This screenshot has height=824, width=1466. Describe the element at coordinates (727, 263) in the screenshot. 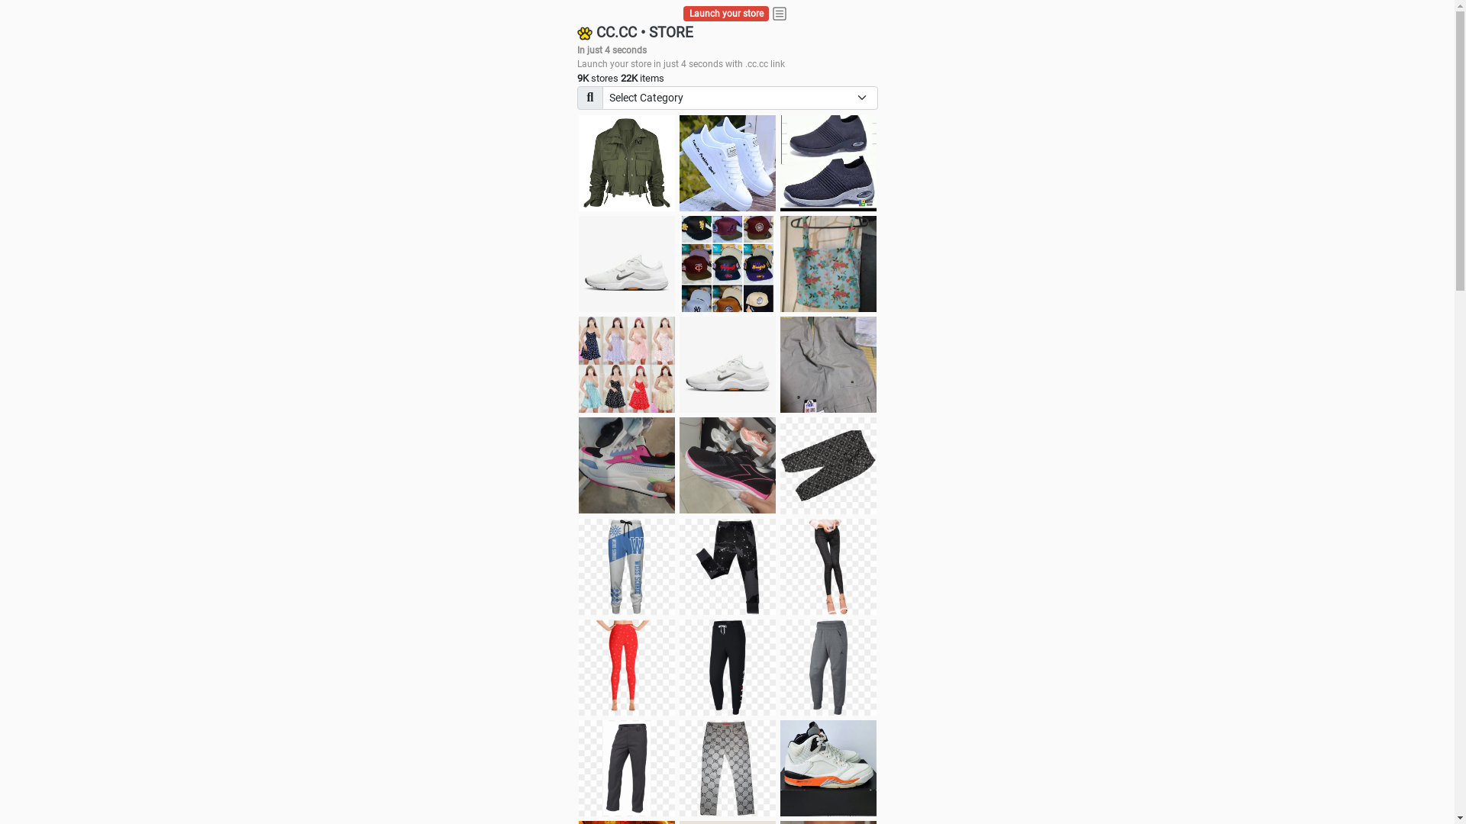

I see `'Things we need'` at that location.